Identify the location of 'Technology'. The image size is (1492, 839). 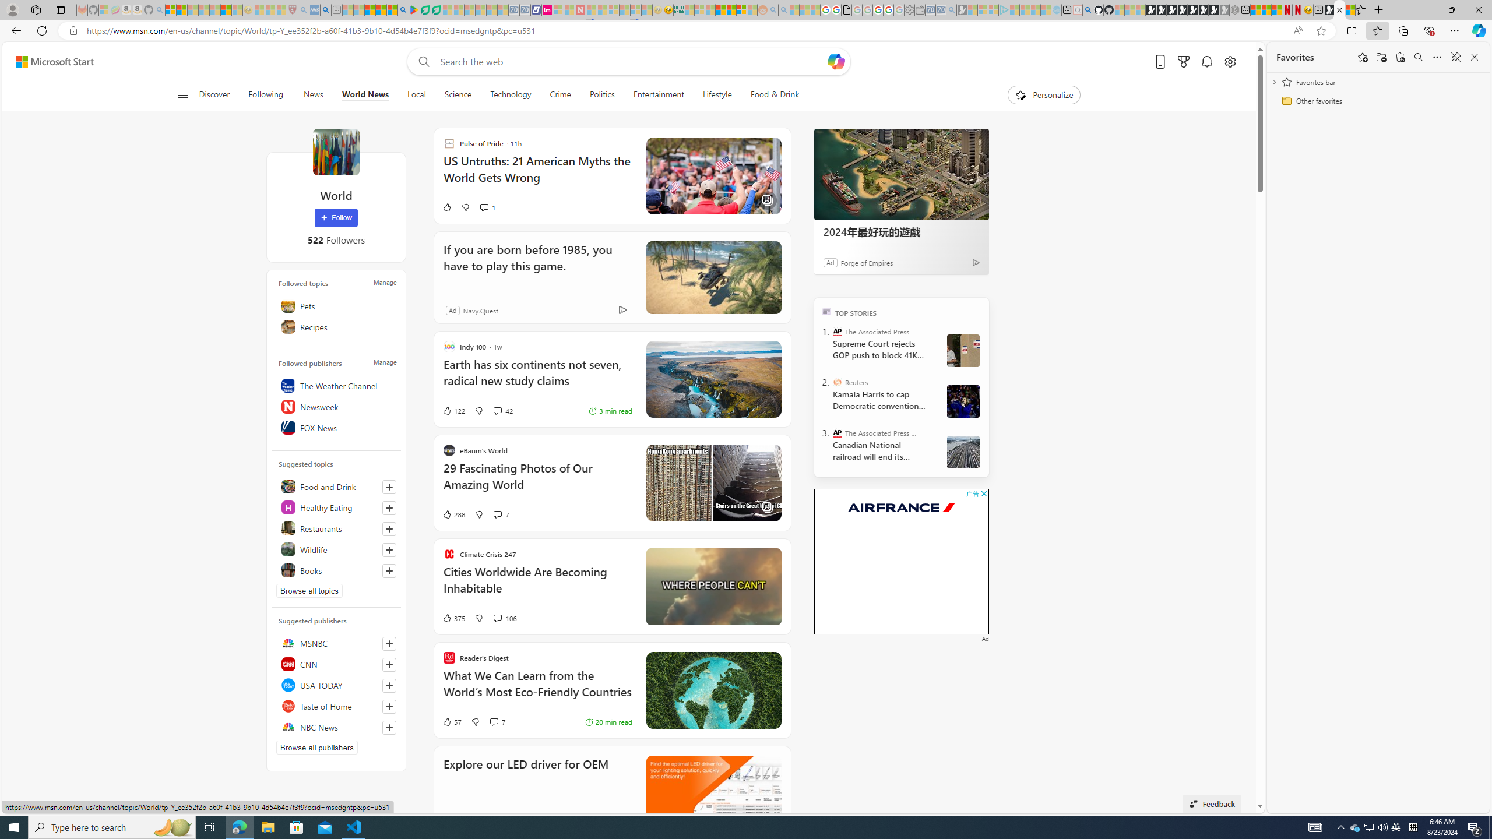
(511, 94).